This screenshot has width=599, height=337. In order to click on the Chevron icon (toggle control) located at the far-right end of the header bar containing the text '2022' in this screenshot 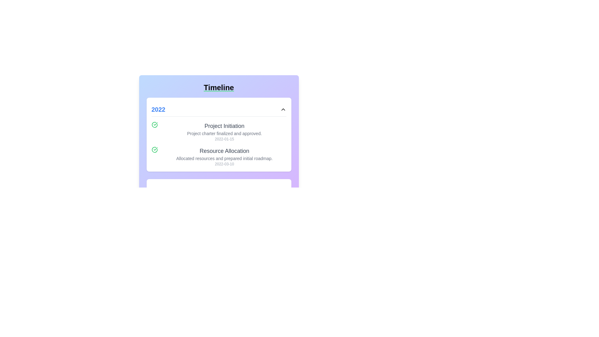, I will do `click(283, 109)`.